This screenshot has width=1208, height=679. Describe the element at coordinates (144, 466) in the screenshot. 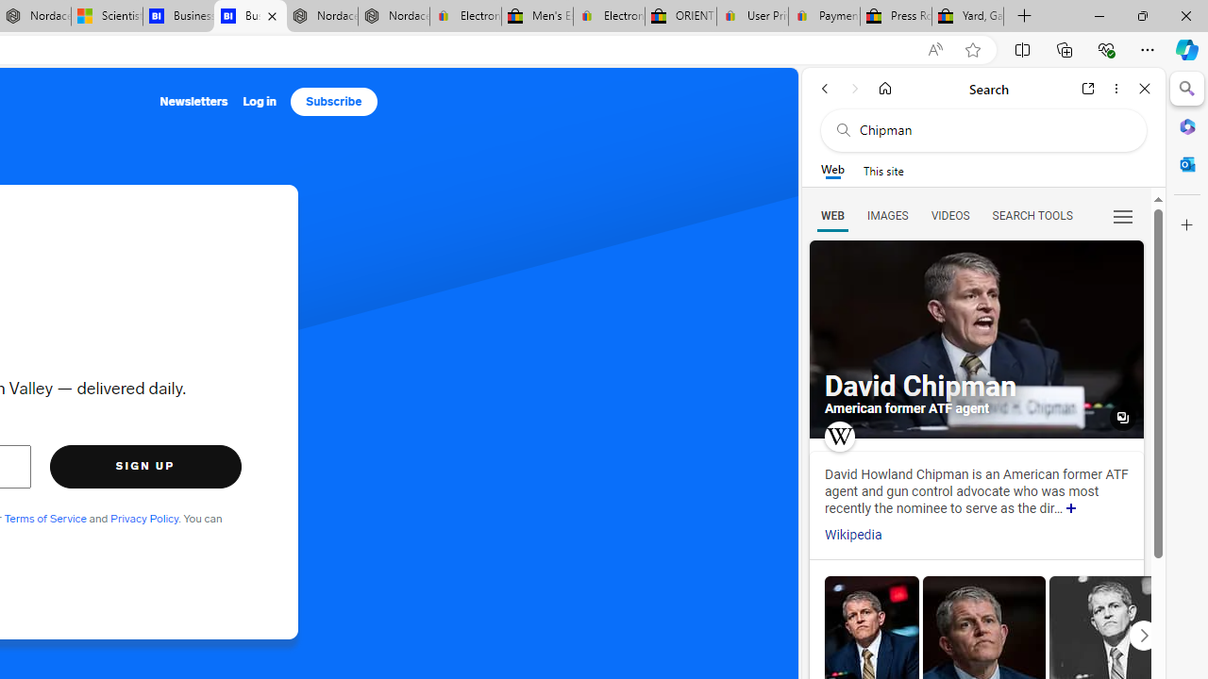

I see `'SIGN UP'` at that location.